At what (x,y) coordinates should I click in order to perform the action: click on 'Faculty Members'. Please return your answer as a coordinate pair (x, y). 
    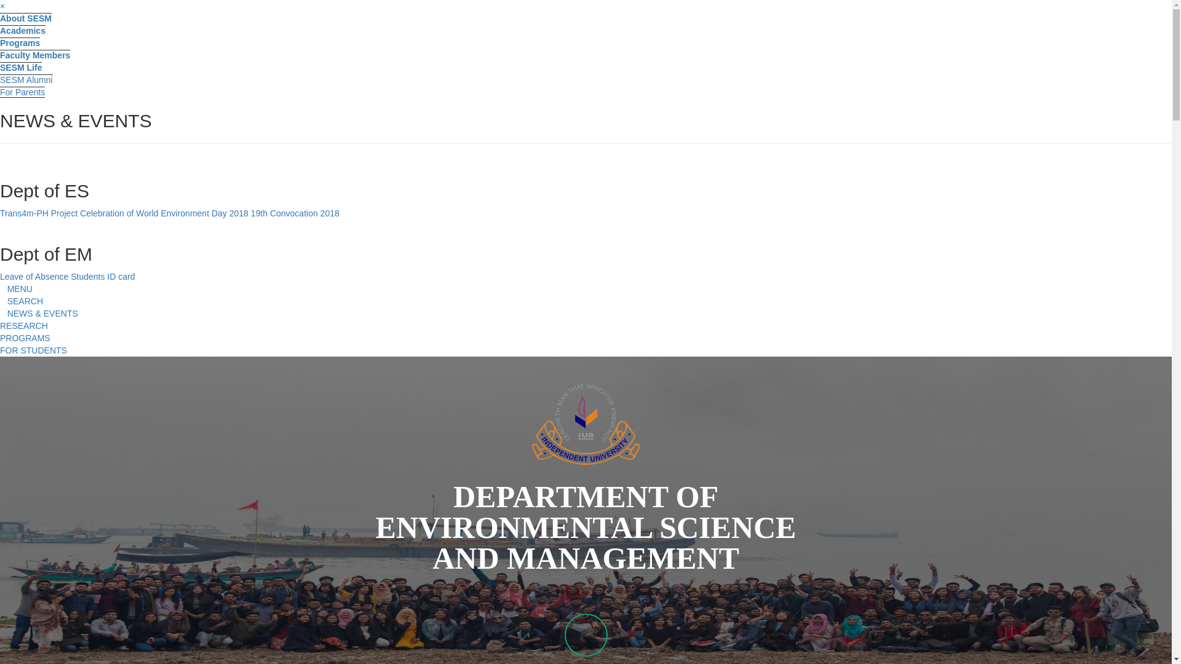
    Looking at the image, I should click on (0, 54).